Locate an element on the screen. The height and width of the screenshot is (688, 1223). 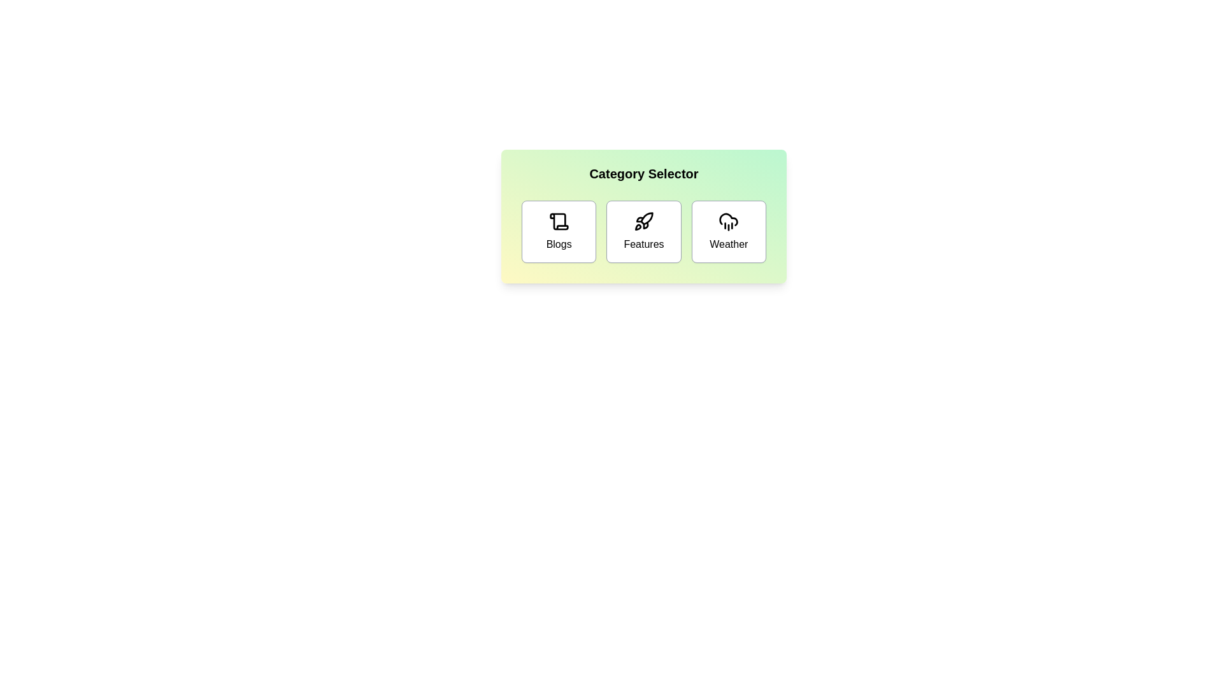
the 'Blogs' button to select the Blogs category is located at coordinates (559, 231).